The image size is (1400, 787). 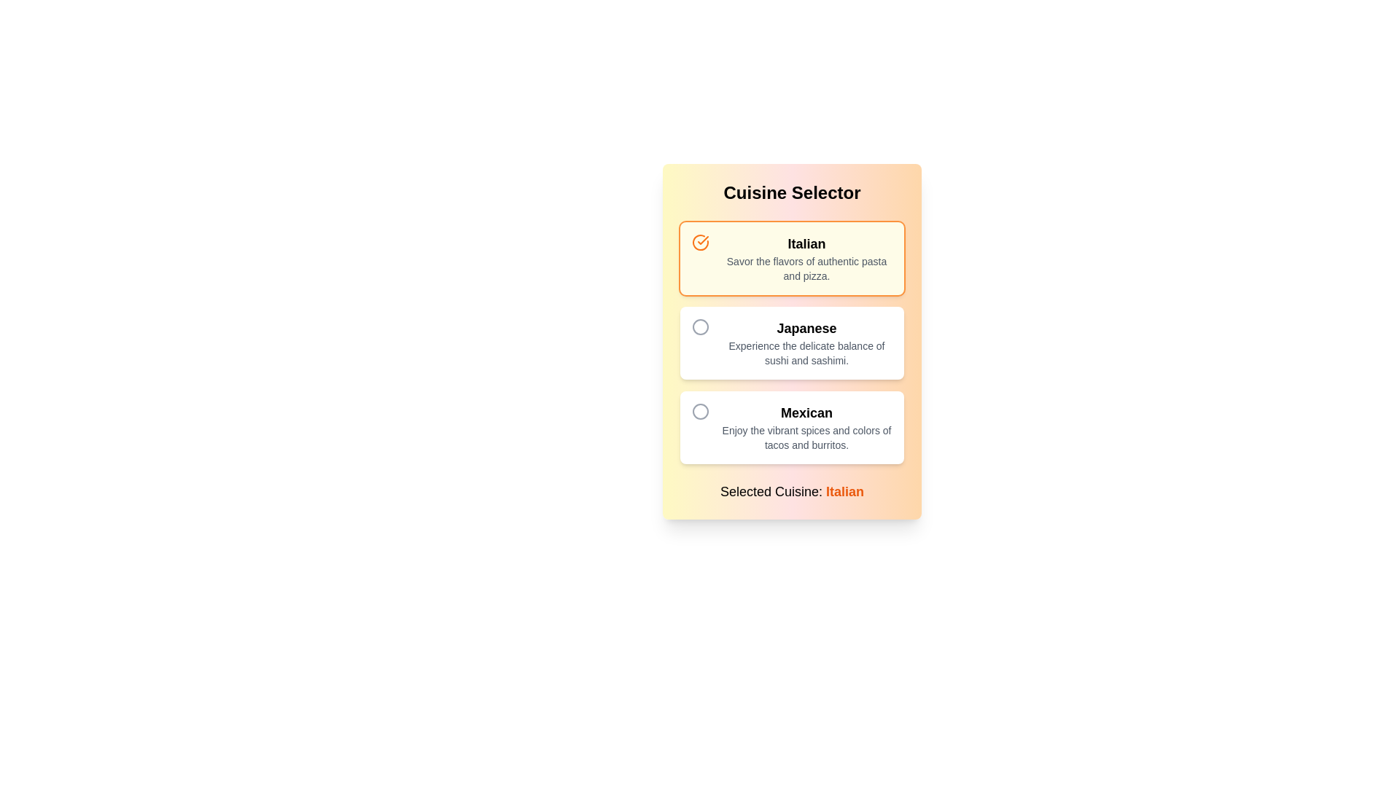 I want to click on the 'Mexican' cuisine option card in the cuisine selector interface, so click(x=791, y=426).